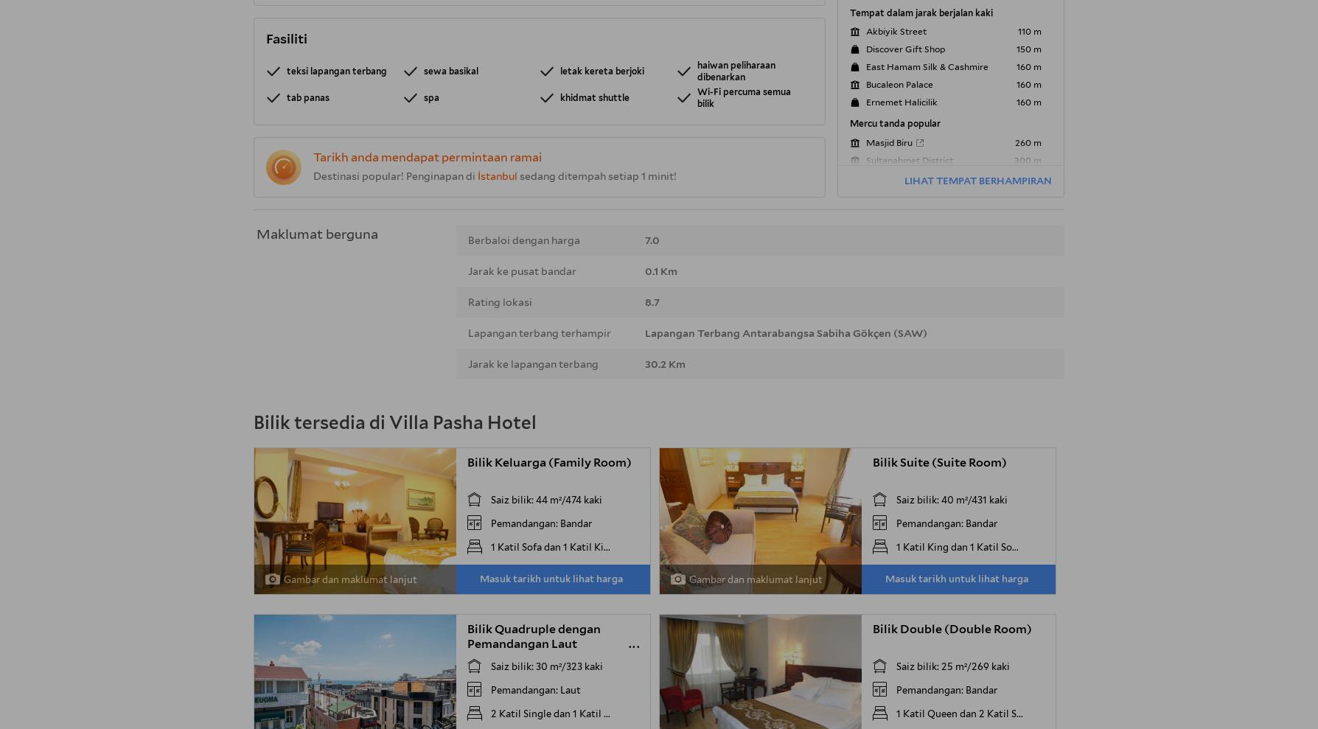 The width and height of the screenshot is (1318, 729). What do you see at coordinates (899, 306) in the screenshot?
I see `'Mosaic Museum'` at bounding box center [899, 306].